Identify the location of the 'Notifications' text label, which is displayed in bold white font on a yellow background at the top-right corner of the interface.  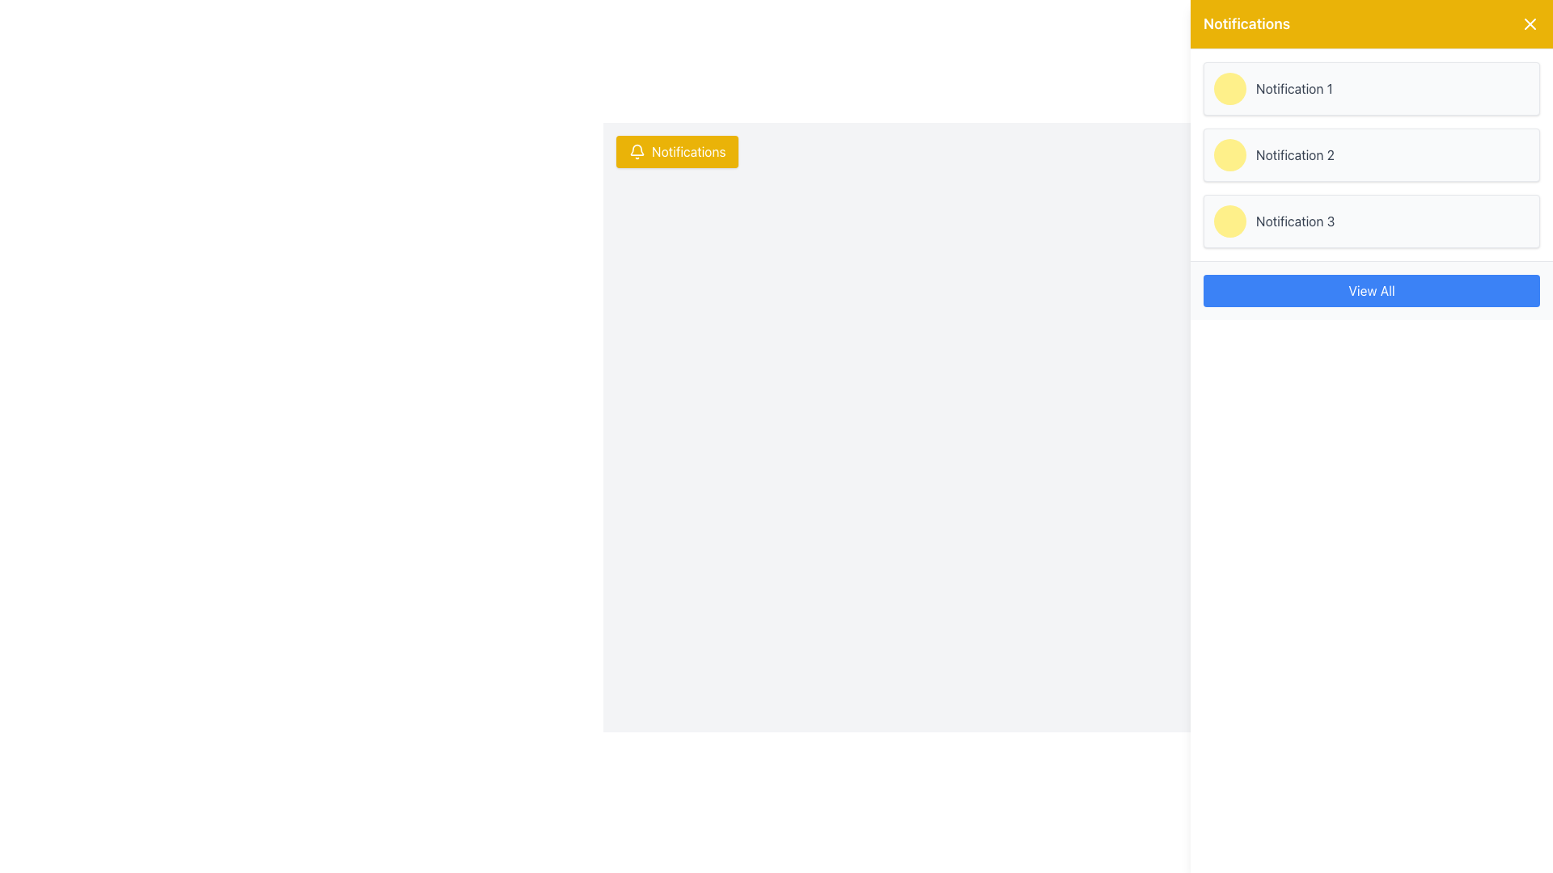
(1246, 24).